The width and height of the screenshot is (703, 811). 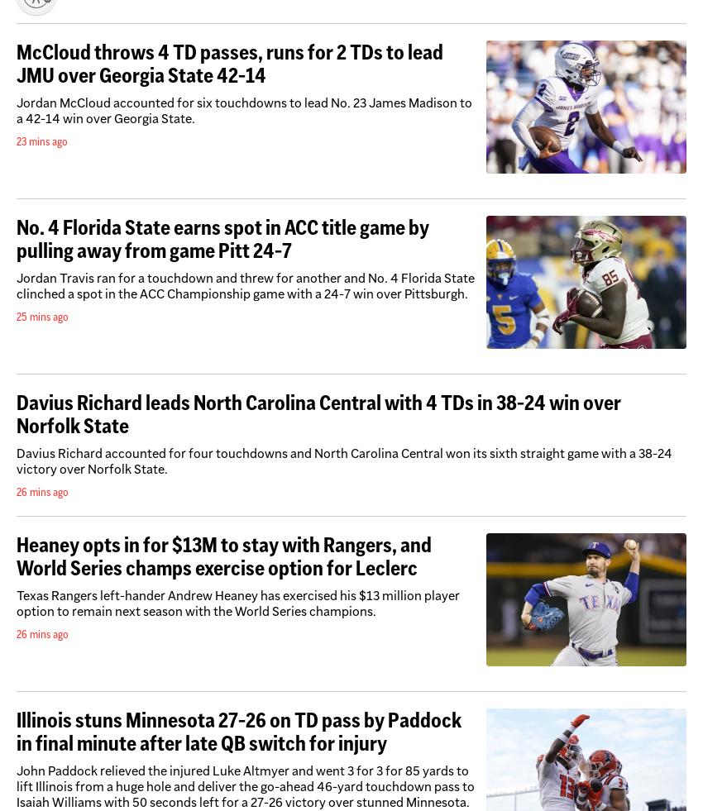 What do you see at coordinates (243, 109) in the screenshot?
I see `'Jordan McCloud accounted for six touchdowns to lead No. 23 James Madison to a 42-14 win over Georgia State.'` at bounding box center [243, 109].